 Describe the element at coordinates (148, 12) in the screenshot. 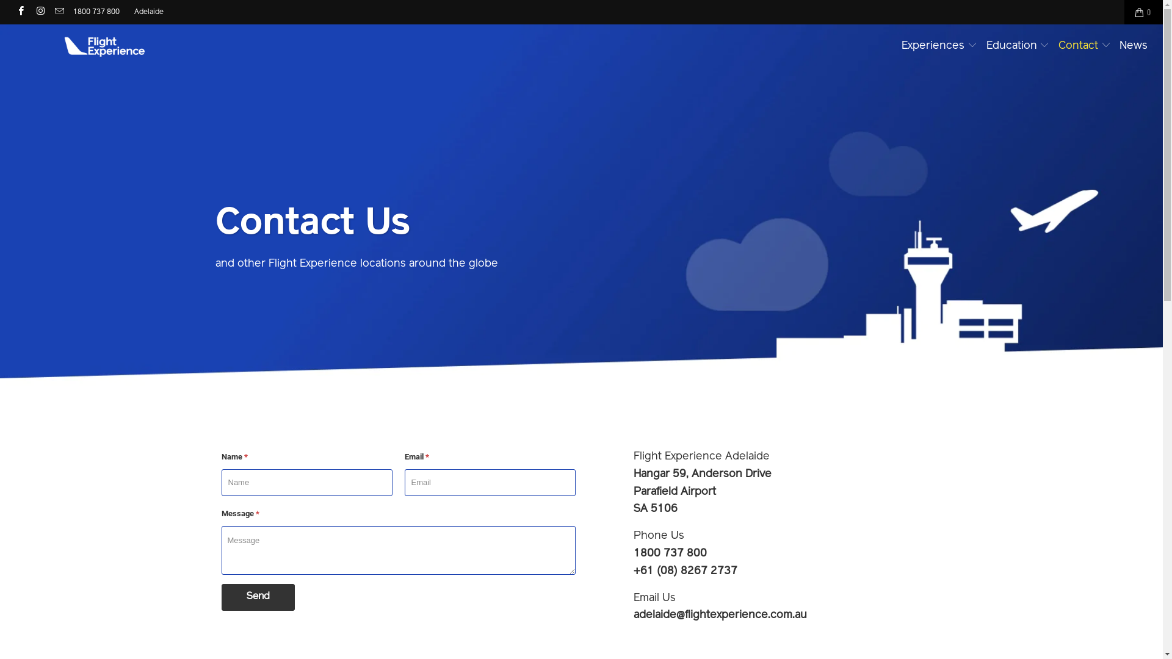

I see `'Adelaide'` at that location.